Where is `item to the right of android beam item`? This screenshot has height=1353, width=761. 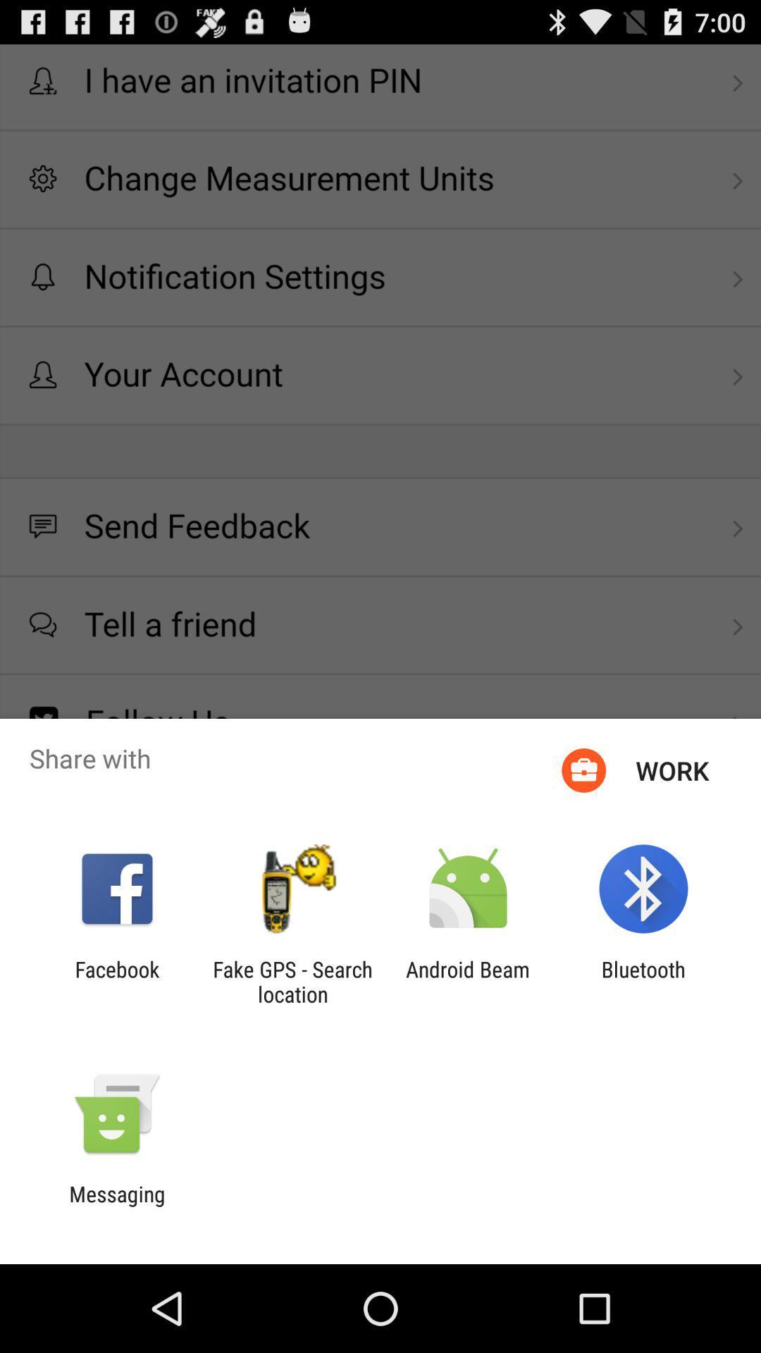
item to the right of android beam item is located at coordinates (643, 981).